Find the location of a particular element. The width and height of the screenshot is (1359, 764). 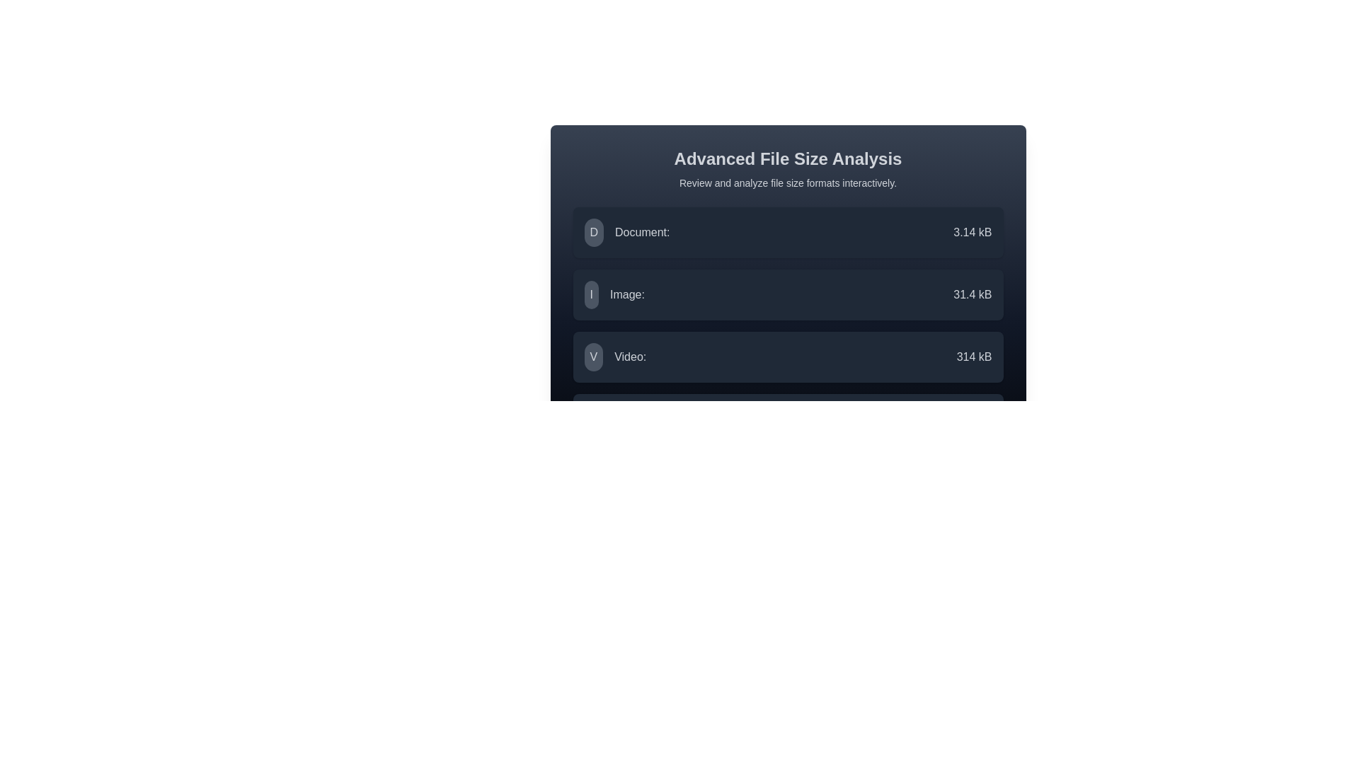

the informational list item that represents a file type and its size, located as the second element in a vertical list between 'Document: 3.14 kB' and 'Video: 314 kB' is located at coordinates (787, 294).